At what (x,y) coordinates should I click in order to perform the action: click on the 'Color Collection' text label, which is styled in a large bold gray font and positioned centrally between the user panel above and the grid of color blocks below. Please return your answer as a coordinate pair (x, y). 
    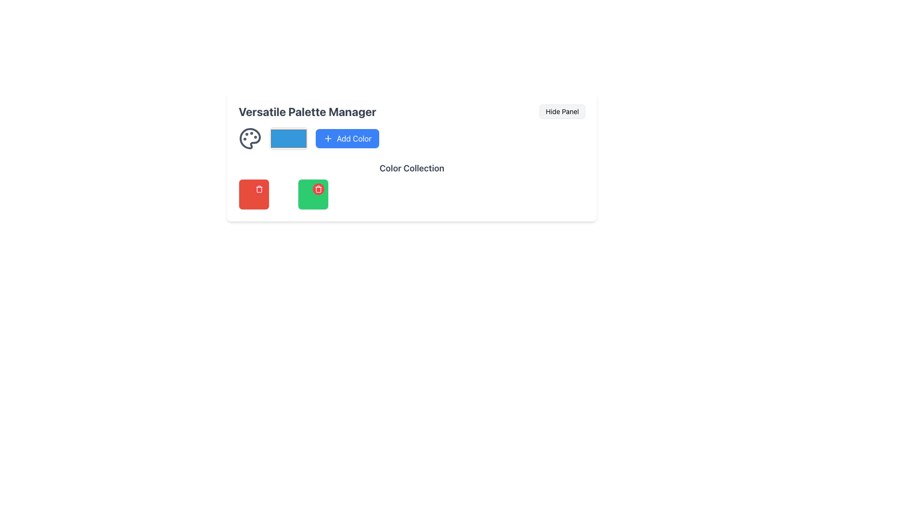
    Looking at the image, I should click on (411, 168).